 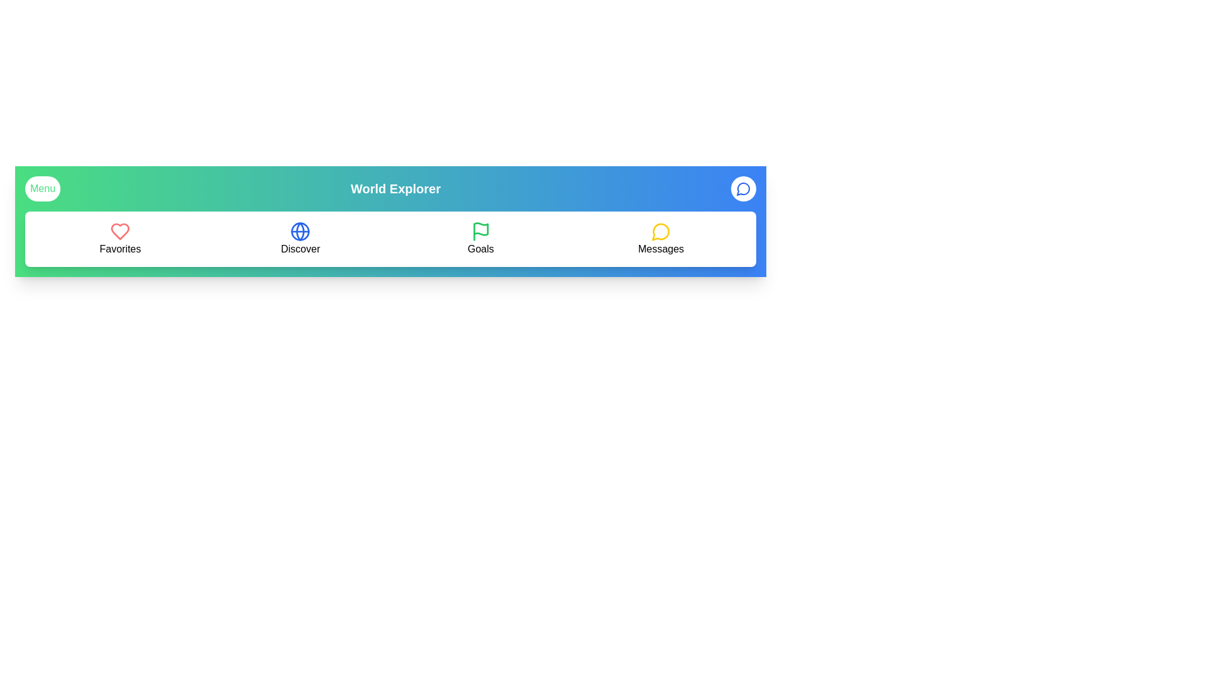 What do you see at coordinates (743, 189) in the screenshot?
I see `the profile/message icon located in the top-right corner of the navigation bar` at bounding box center [743, 189].